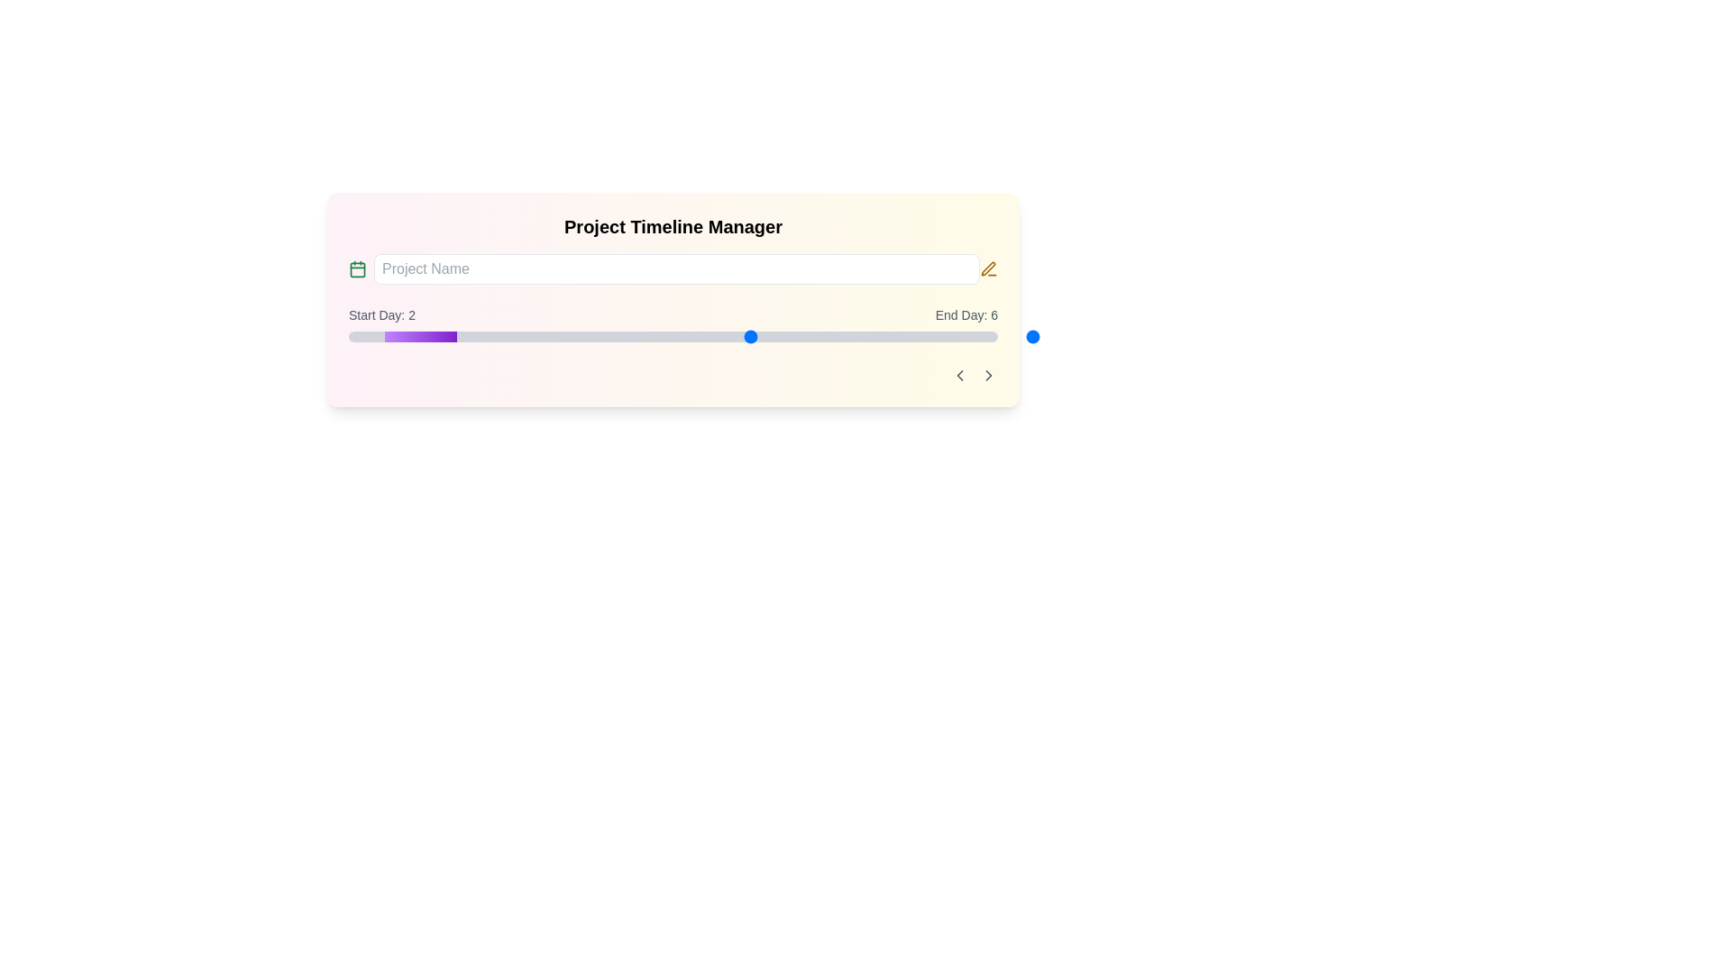 This screenshot has width=1731, height=973. Describe the element at coordinates (987, 268) in the screenshot. I see `the yellow pencil icon located in the top-right area of the text input field` at that location.